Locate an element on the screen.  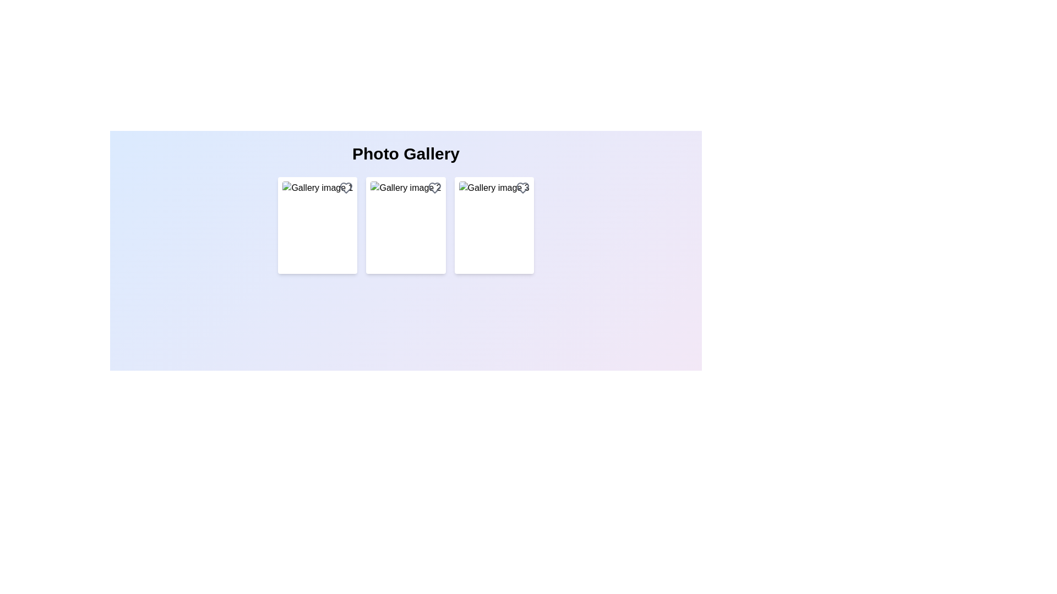
the heart-shaped icon located at the top-right corner of the card labeled 'Gallery image3' is located at coordinates (522, 188).